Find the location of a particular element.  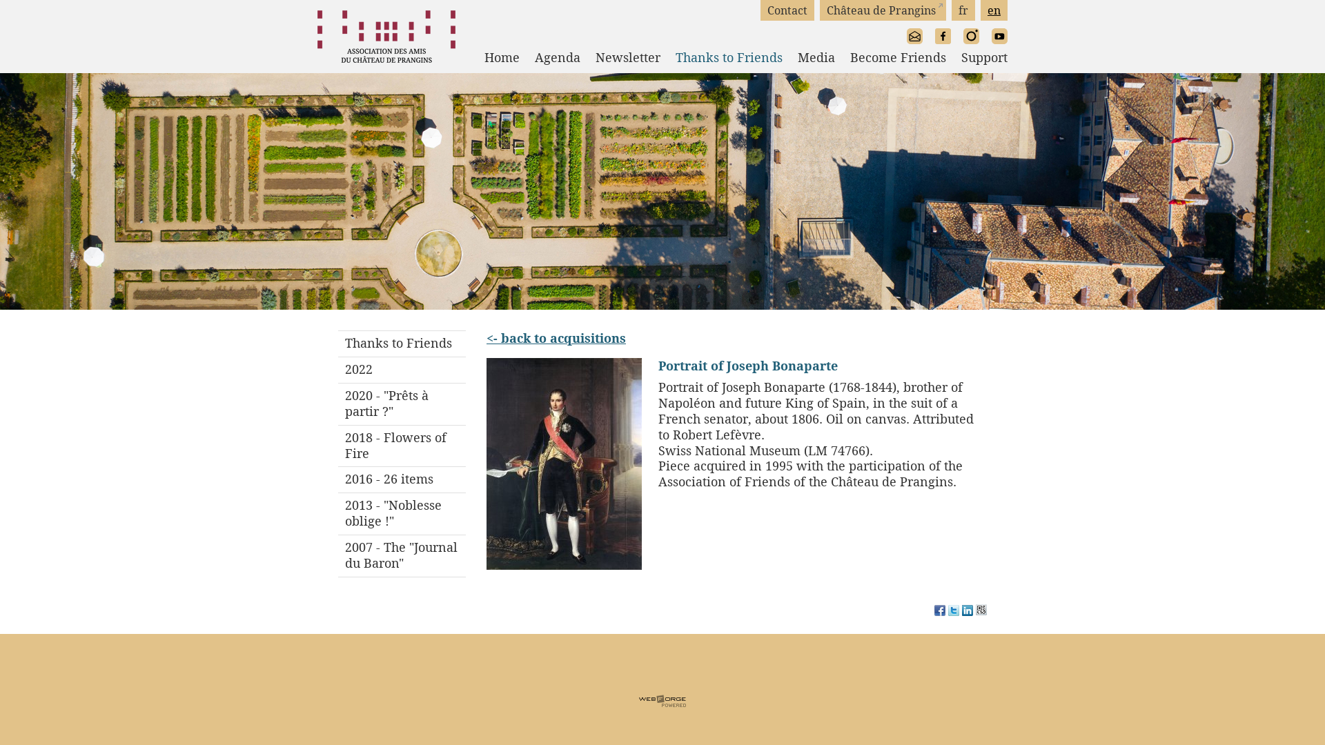

'Media' is located at coordinates (808, 57).